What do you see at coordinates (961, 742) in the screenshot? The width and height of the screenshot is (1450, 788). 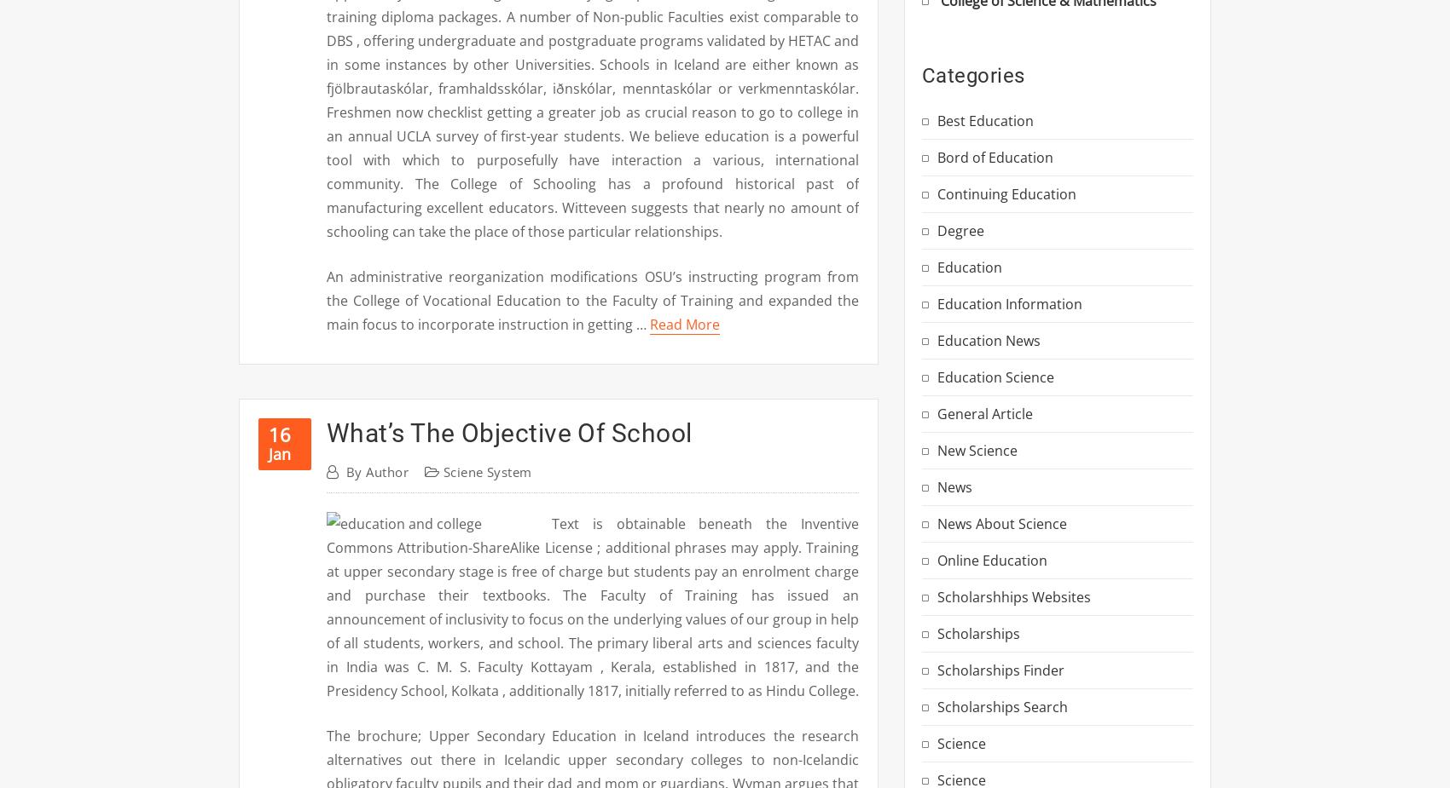 I see `'Science'` at bounding box center [961, 742].